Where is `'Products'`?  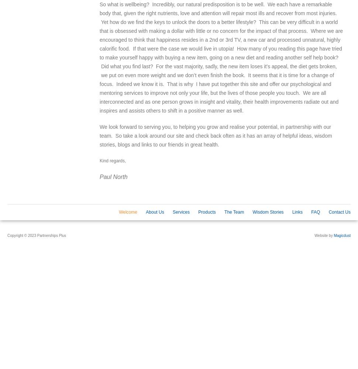 'Products' is located at coordinates (197, 212).